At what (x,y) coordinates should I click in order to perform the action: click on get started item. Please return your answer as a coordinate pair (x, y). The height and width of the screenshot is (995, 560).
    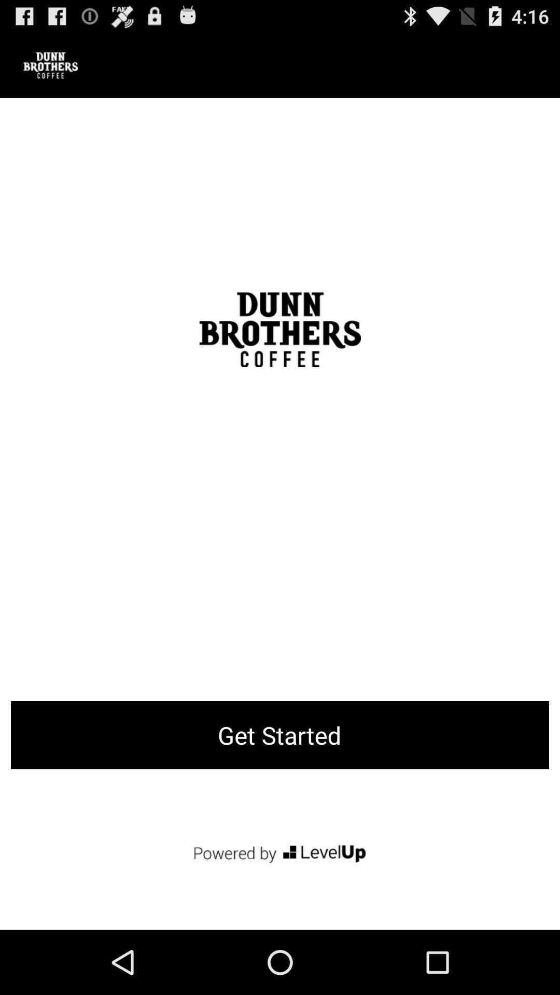
    Looking at the image, I should click on (280, 734).